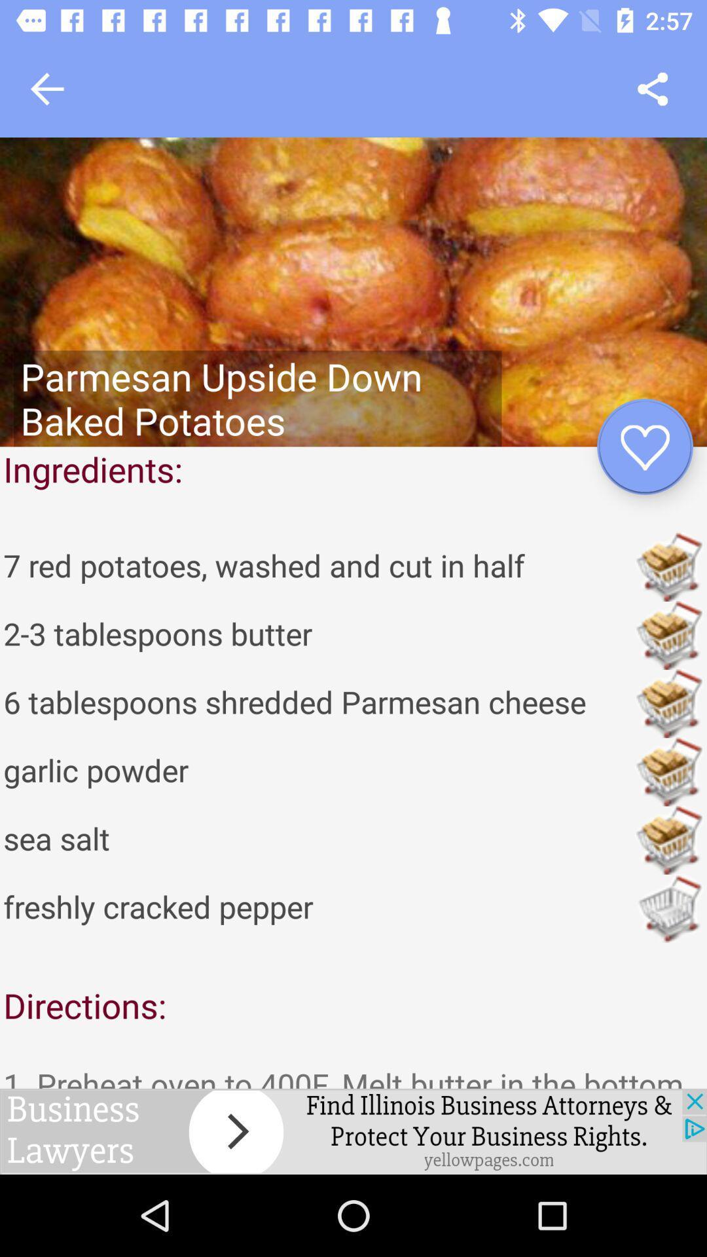 The height and width of the screenshot is (1257, 707). I want to click on seach pega, so click(653, 88).